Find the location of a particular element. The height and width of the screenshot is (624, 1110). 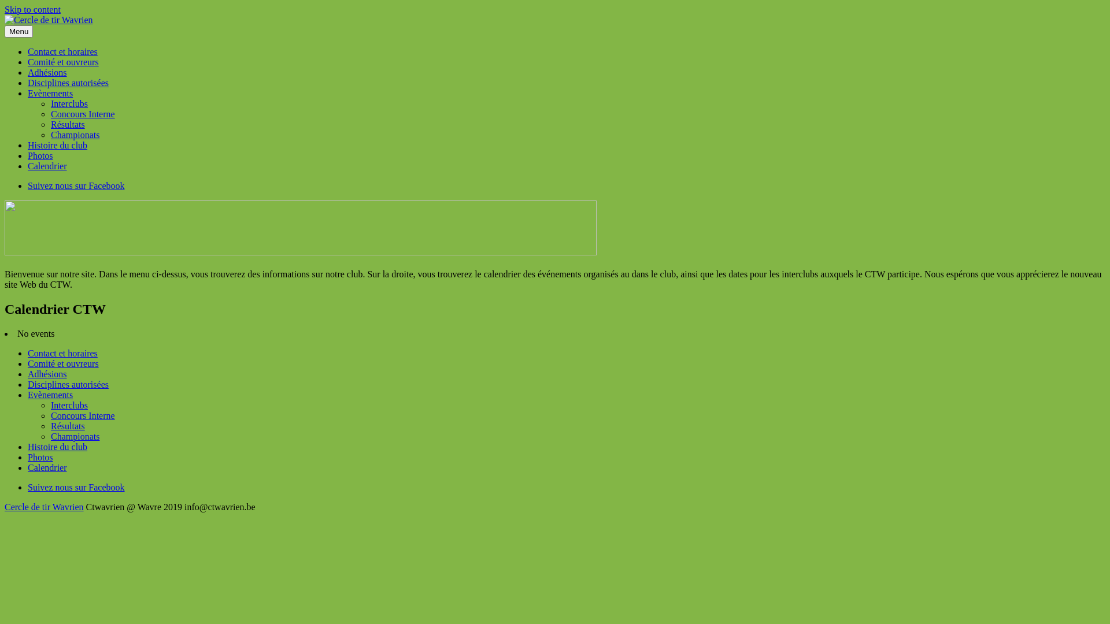

'Menu' is located at coordinates (18, 31).